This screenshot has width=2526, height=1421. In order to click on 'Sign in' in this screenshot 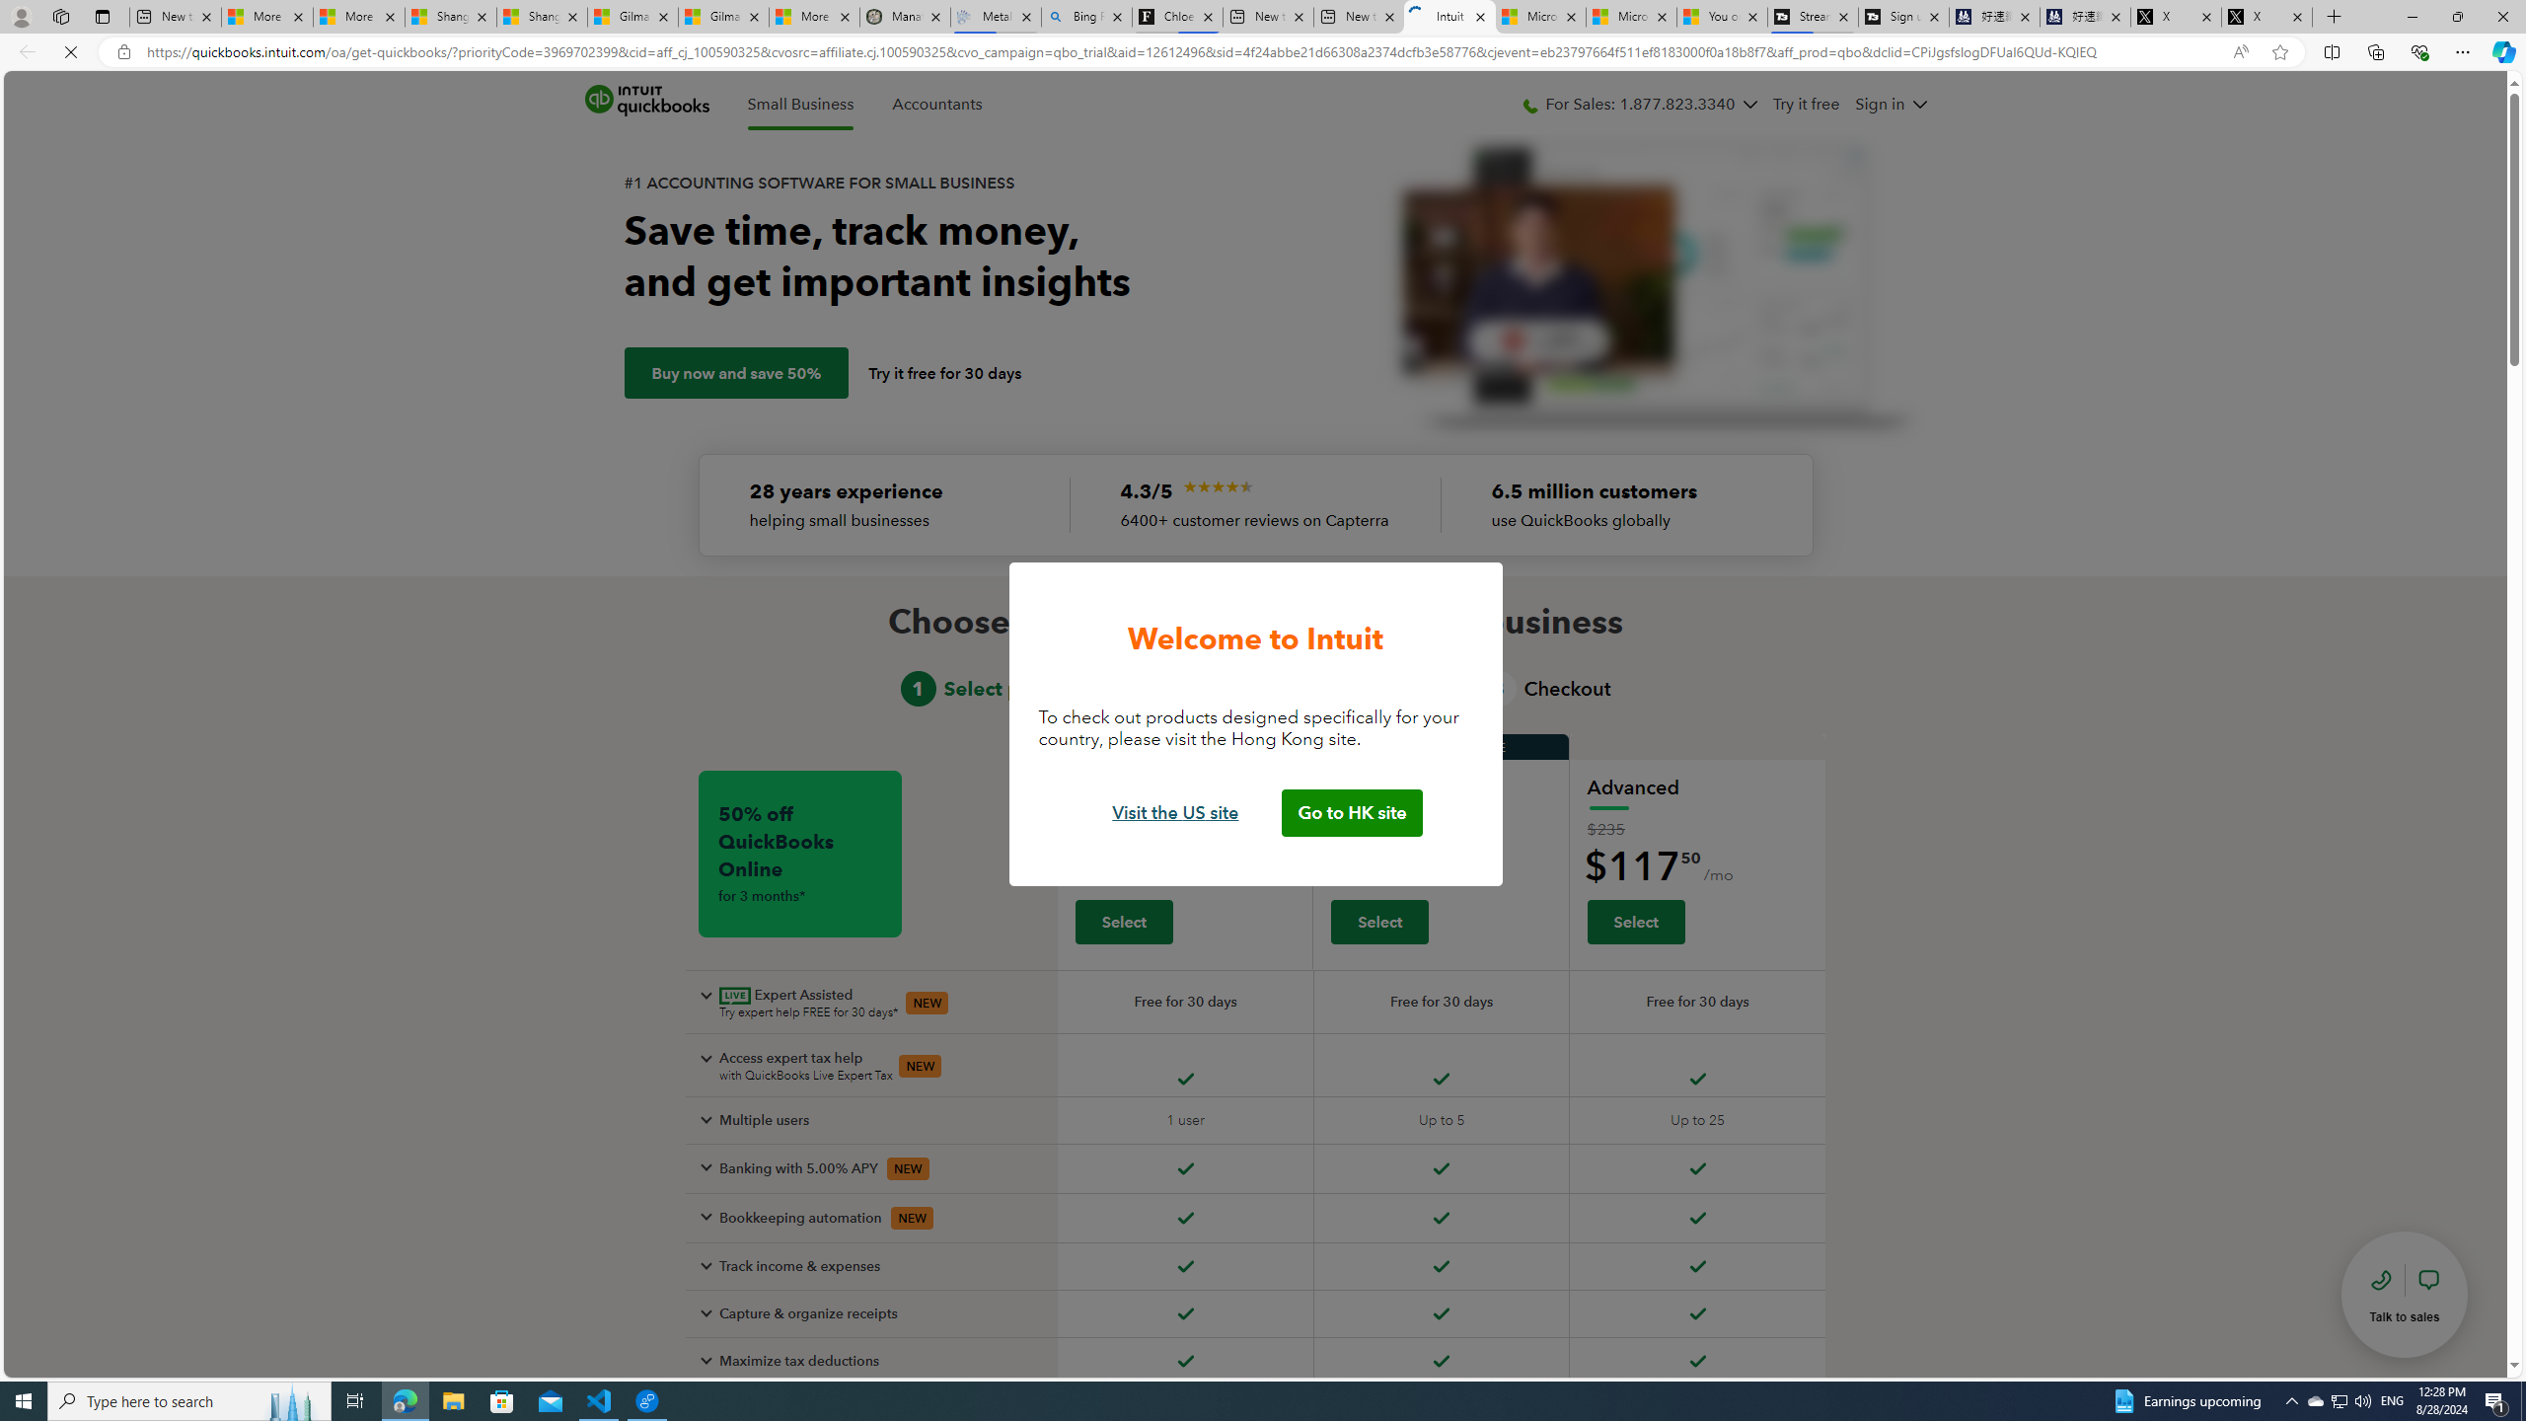, I will do `click(1890, 105)`.